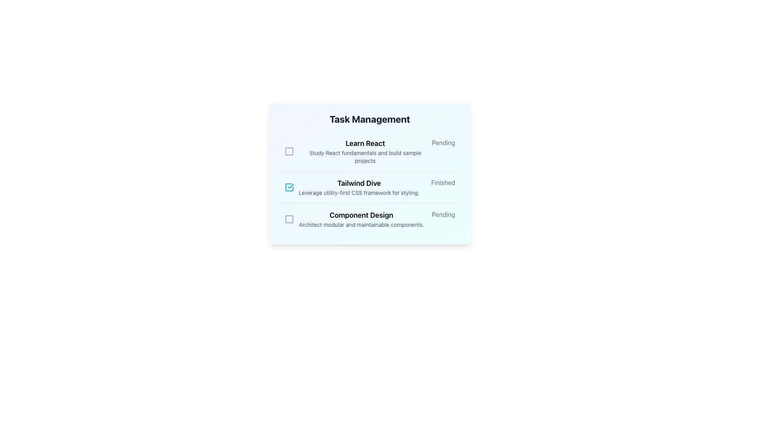 Image resolution: width=758 pixels, height=426 pixels. I want to click on Text Label element displaying the word 'Pending' which is styled in gray and positioned at the far right of the list item under 'Task Management', so click(443, 214).